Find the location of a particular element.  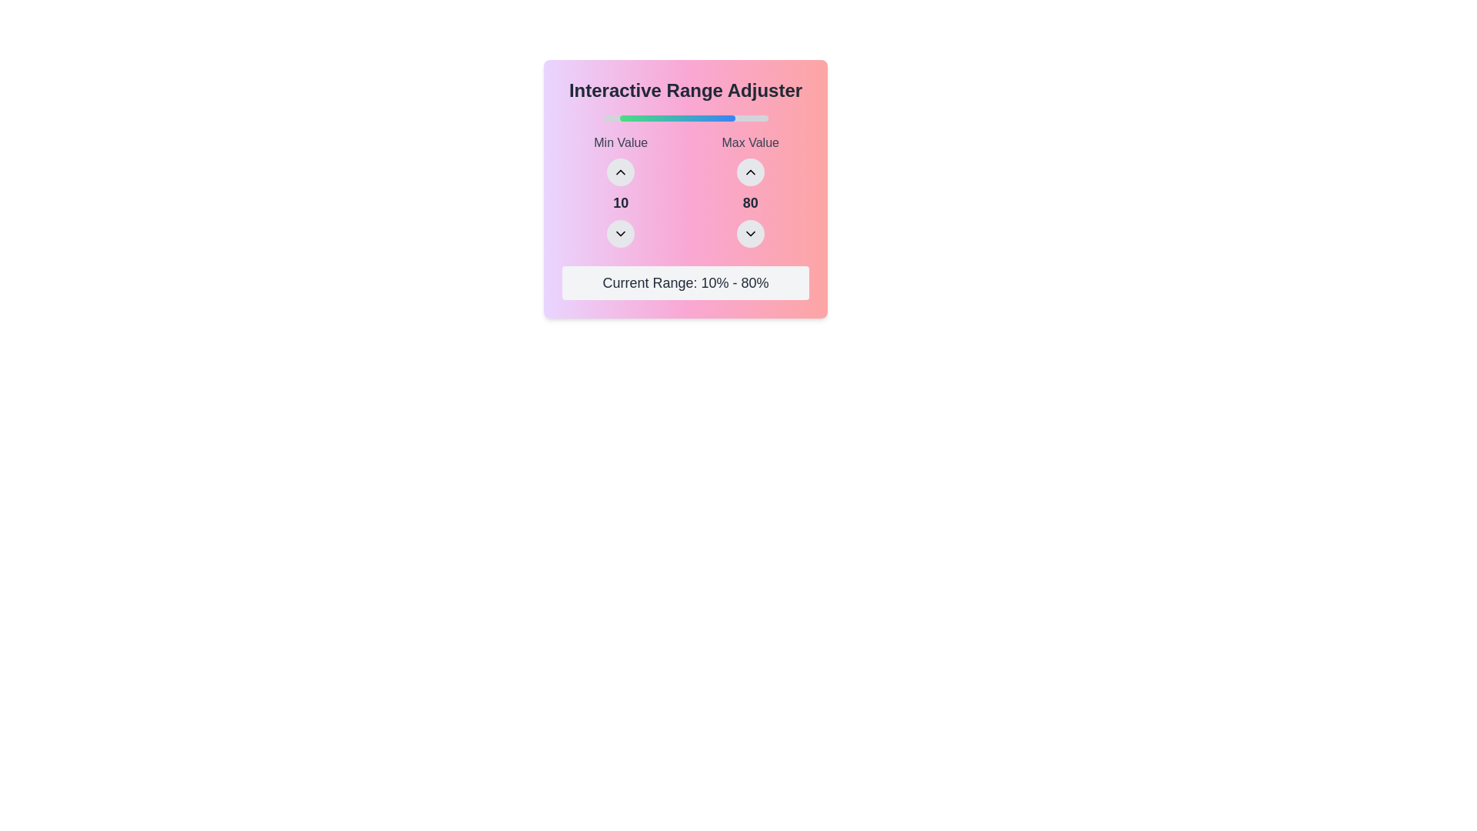

the numerical controls labeled 'Min Value' and 'Max Value' within the grid layout containing adjustment buttons is located at coordinates (685, 189).